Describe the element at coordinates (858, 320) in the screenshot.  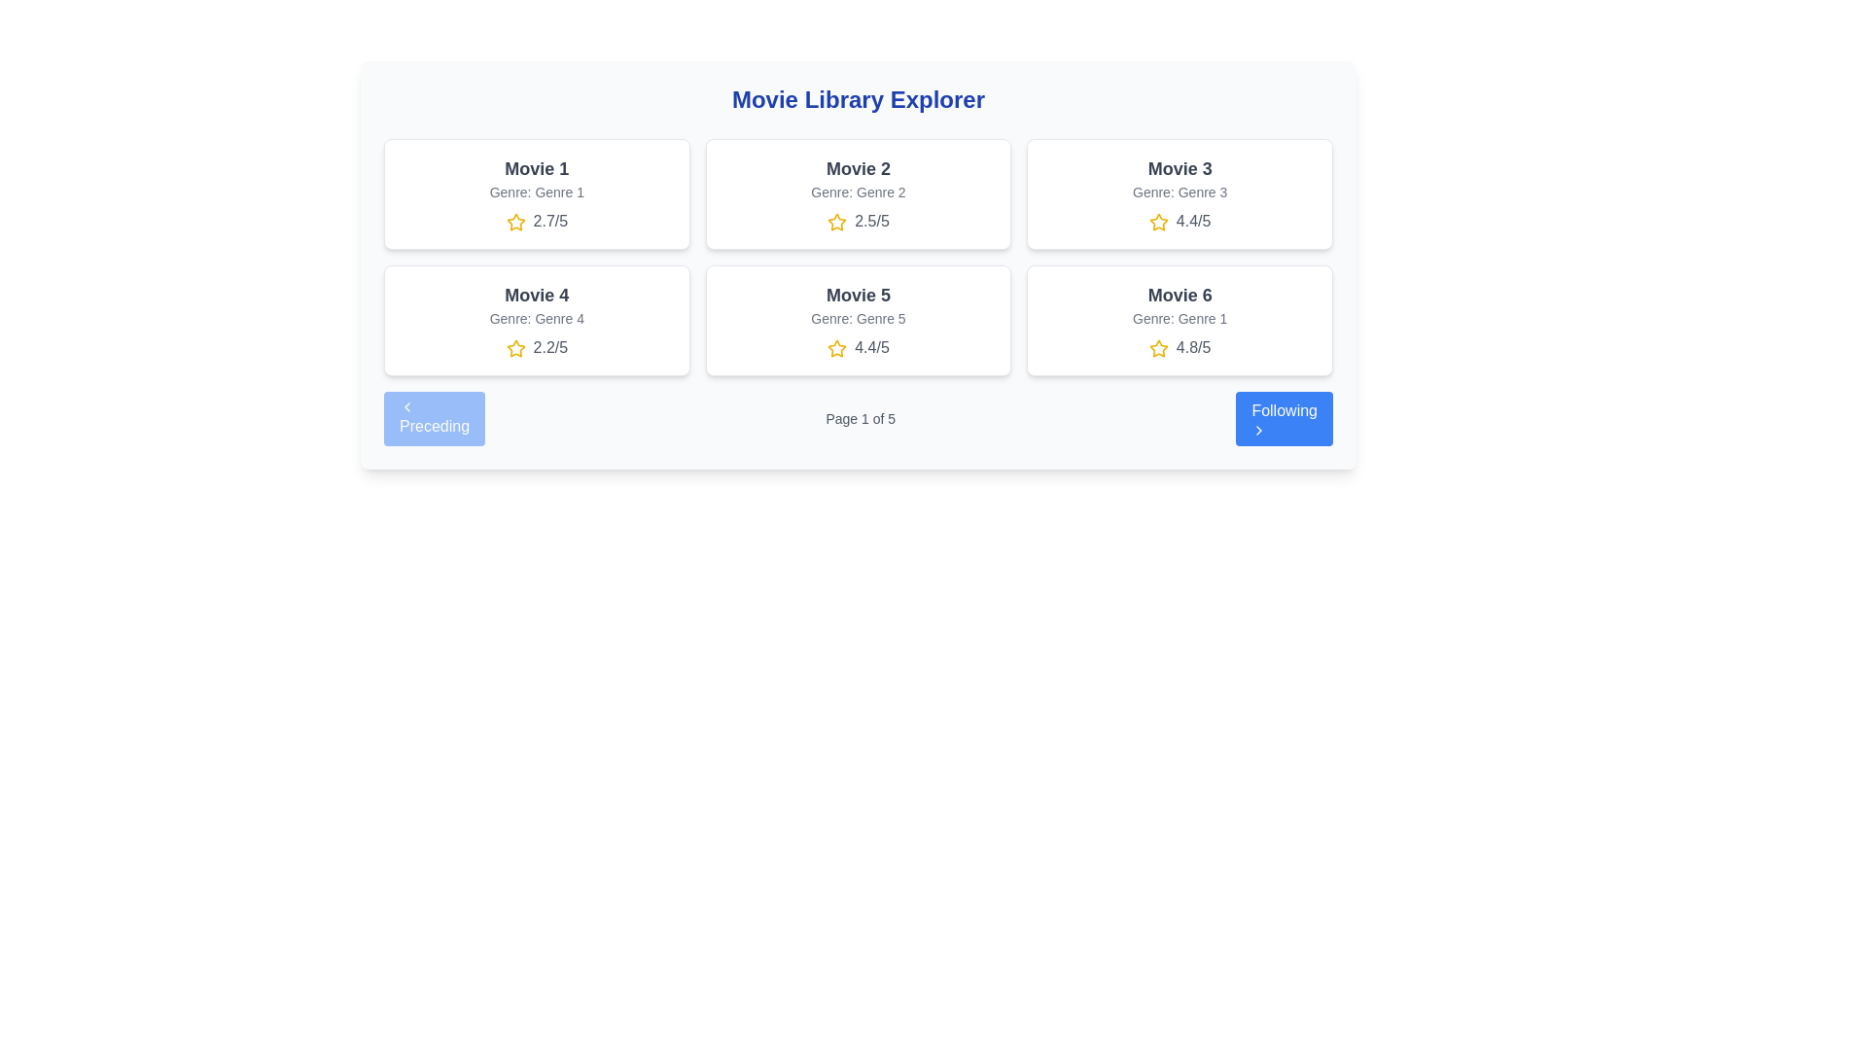
I see `the movie Card component located in the second row, middle column of the grid to read its information` at that location.